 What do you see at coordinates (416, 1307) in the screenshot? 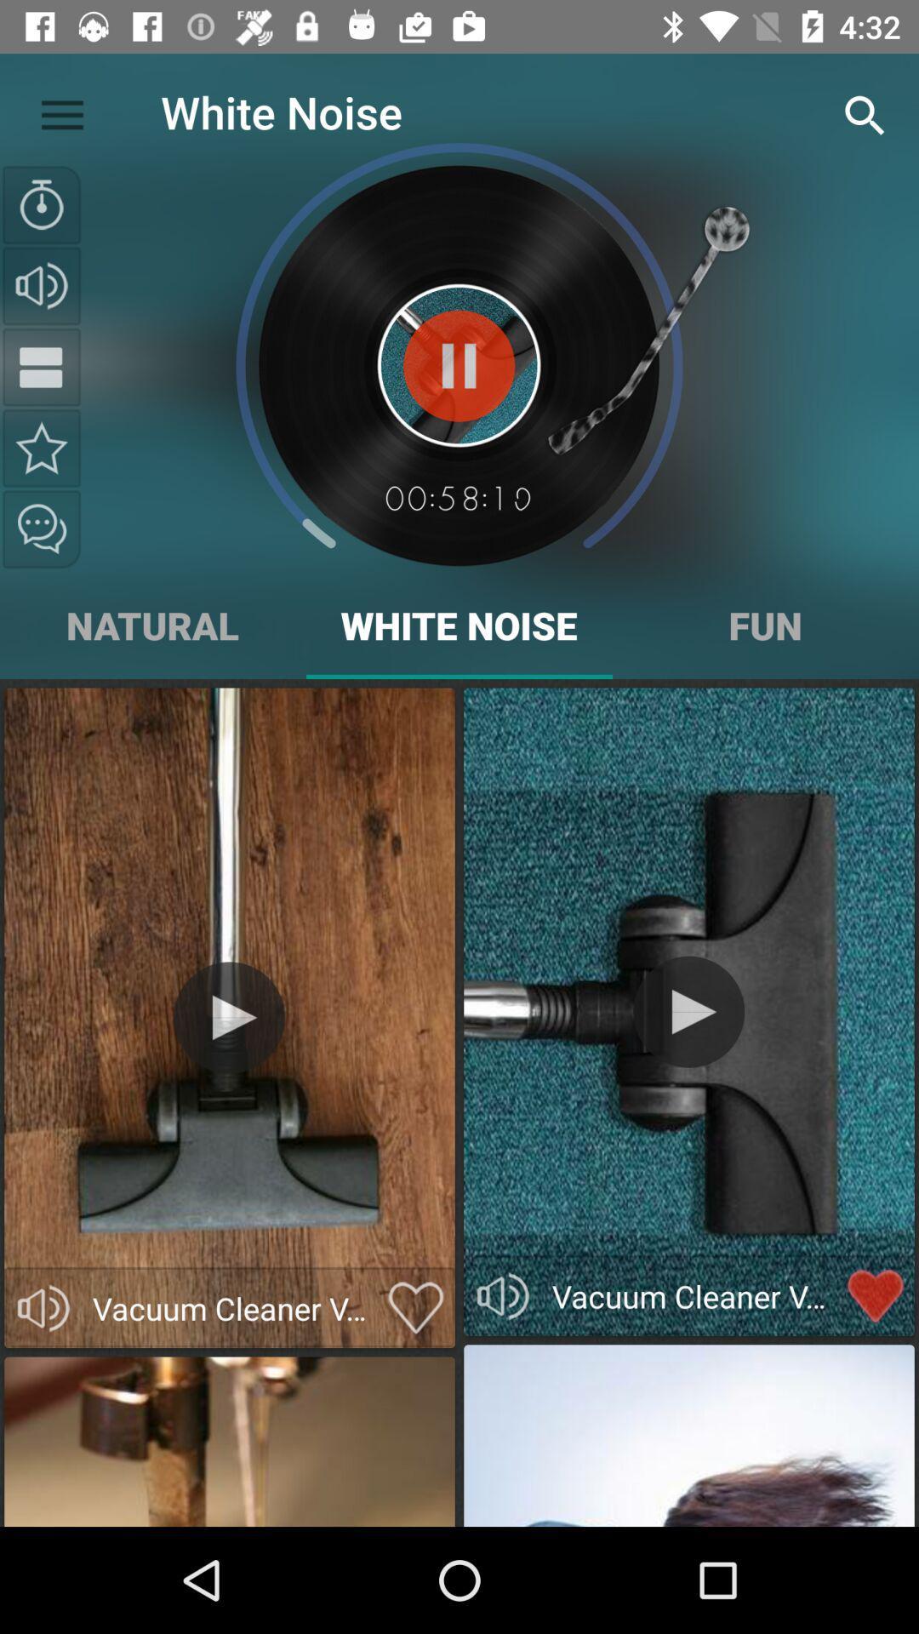
I see `mark as favorite` at bounding box center [416, 1307].